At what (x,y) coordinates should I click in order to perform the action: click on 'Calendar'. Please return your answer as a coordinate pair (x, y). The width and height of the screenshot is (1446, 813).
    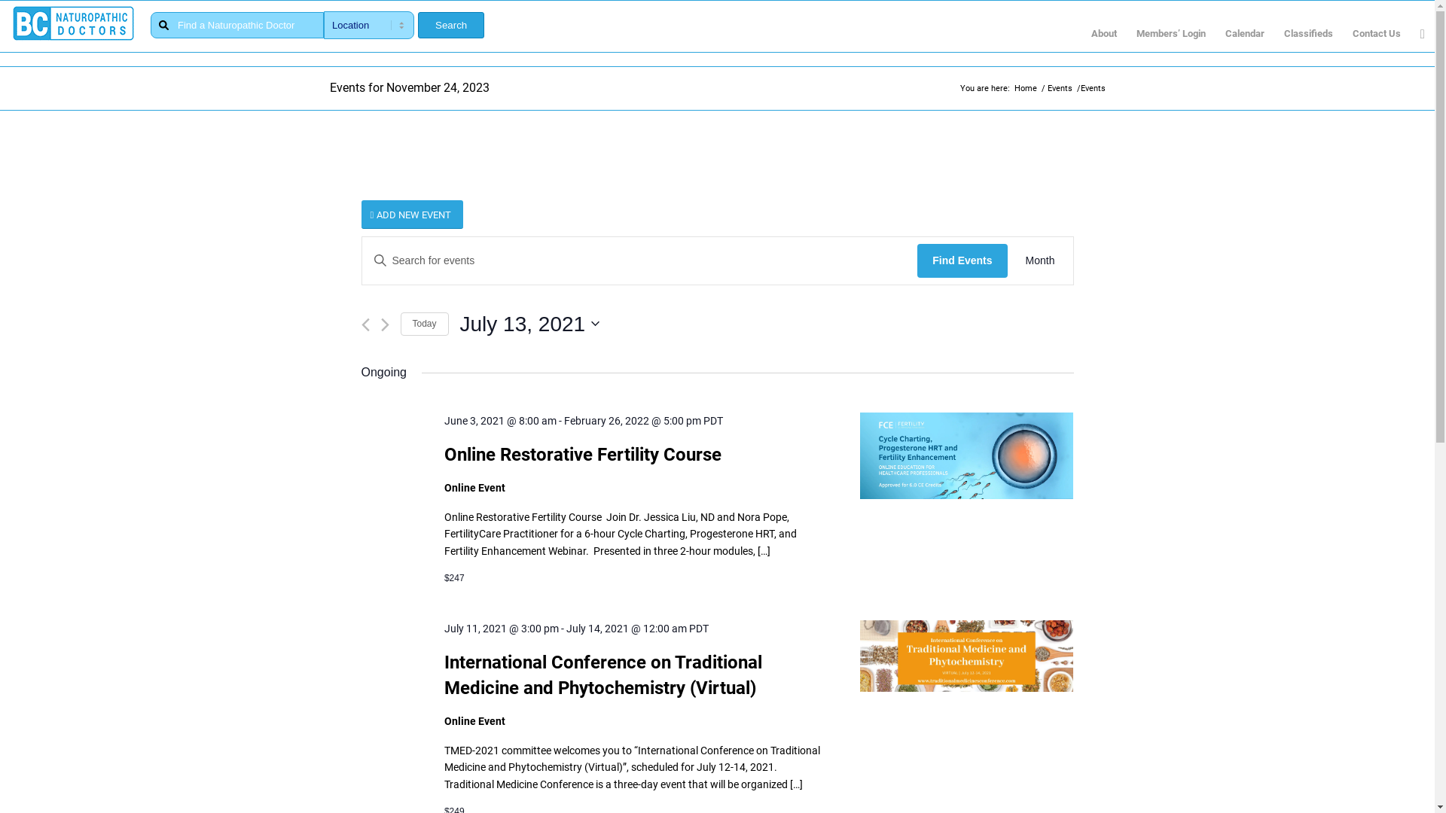
    Looking at the image, I should click on (1244, 34).